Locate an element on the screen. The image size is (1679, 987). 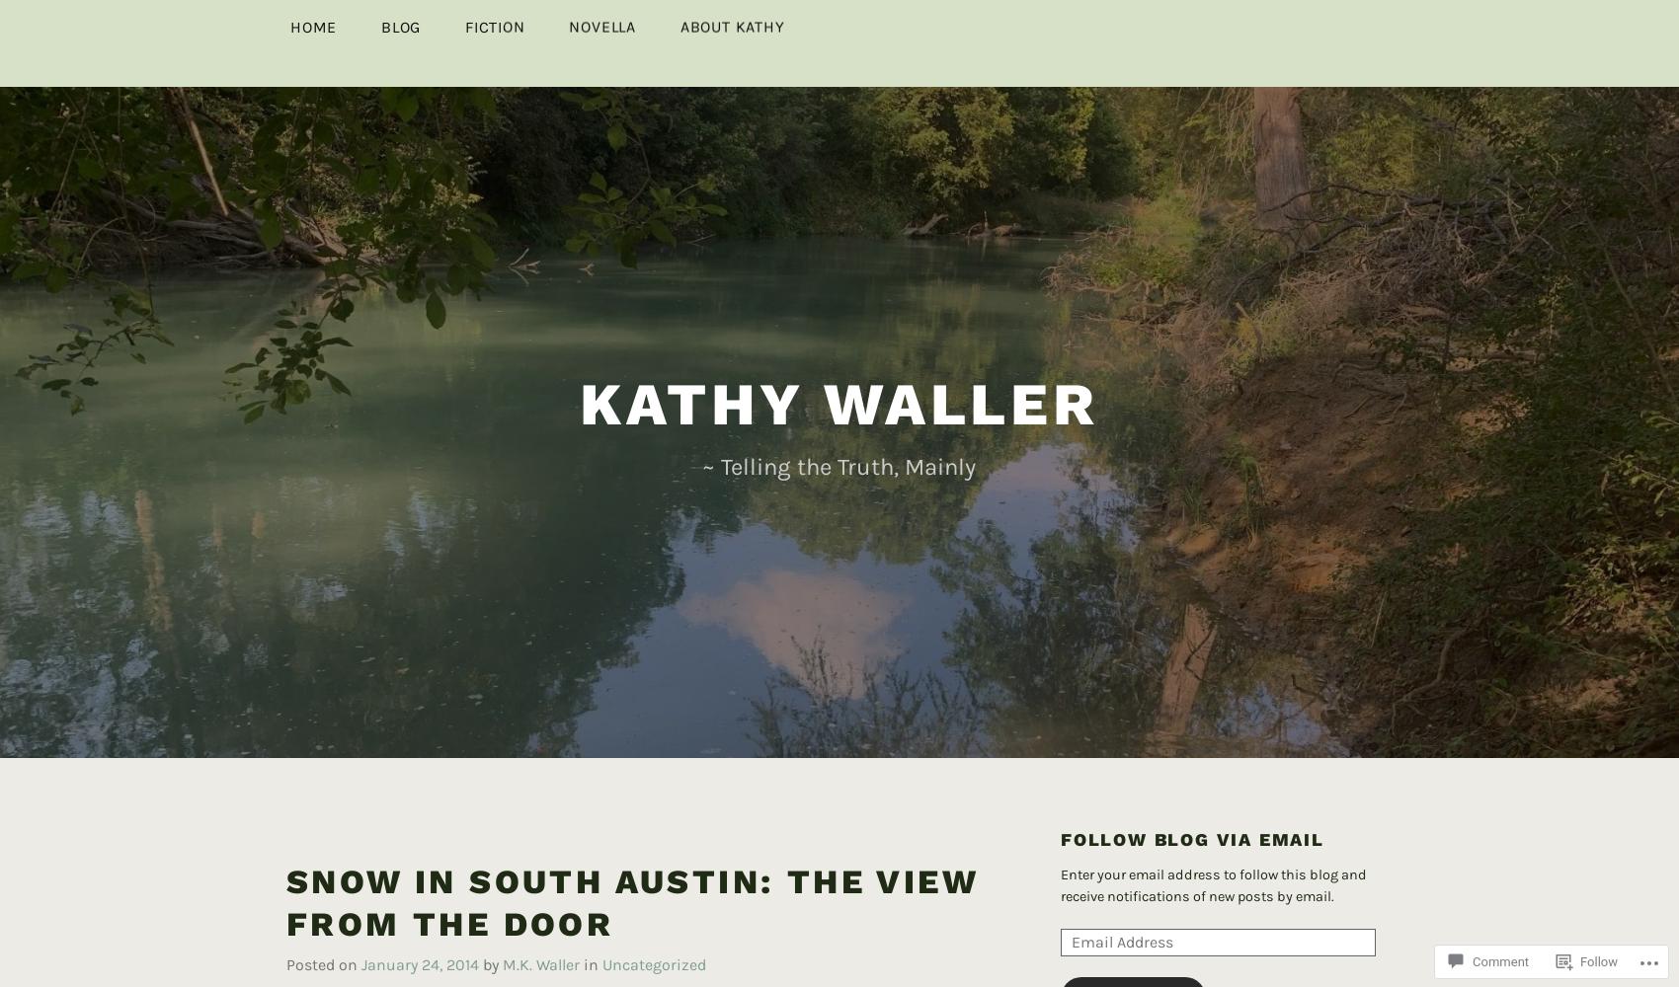
'Follow Blog via Email' is located at coordinates (1191, 806).